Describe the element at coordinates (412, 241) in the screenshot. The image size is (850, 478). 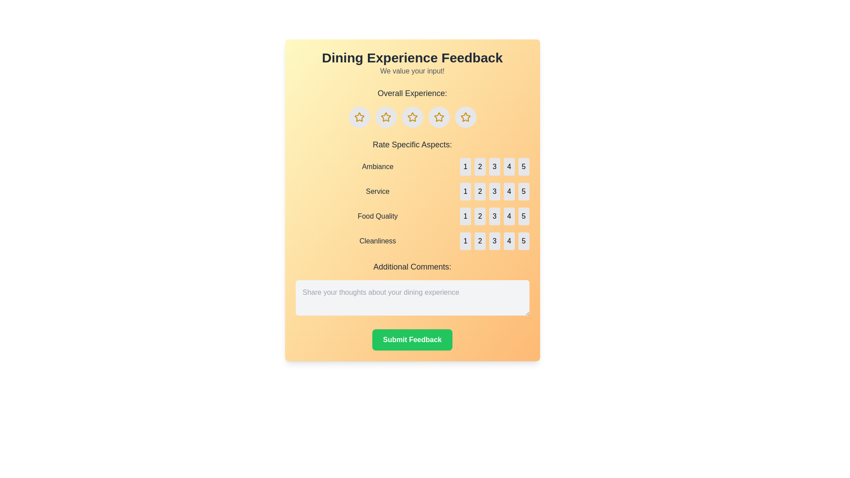
I see `the second button in the 'Cleanliness' rating scale, which is located in the fourth row of the list labeled 'Rate Specific Aspects:', to rate Cleanliness as 2` at that location.